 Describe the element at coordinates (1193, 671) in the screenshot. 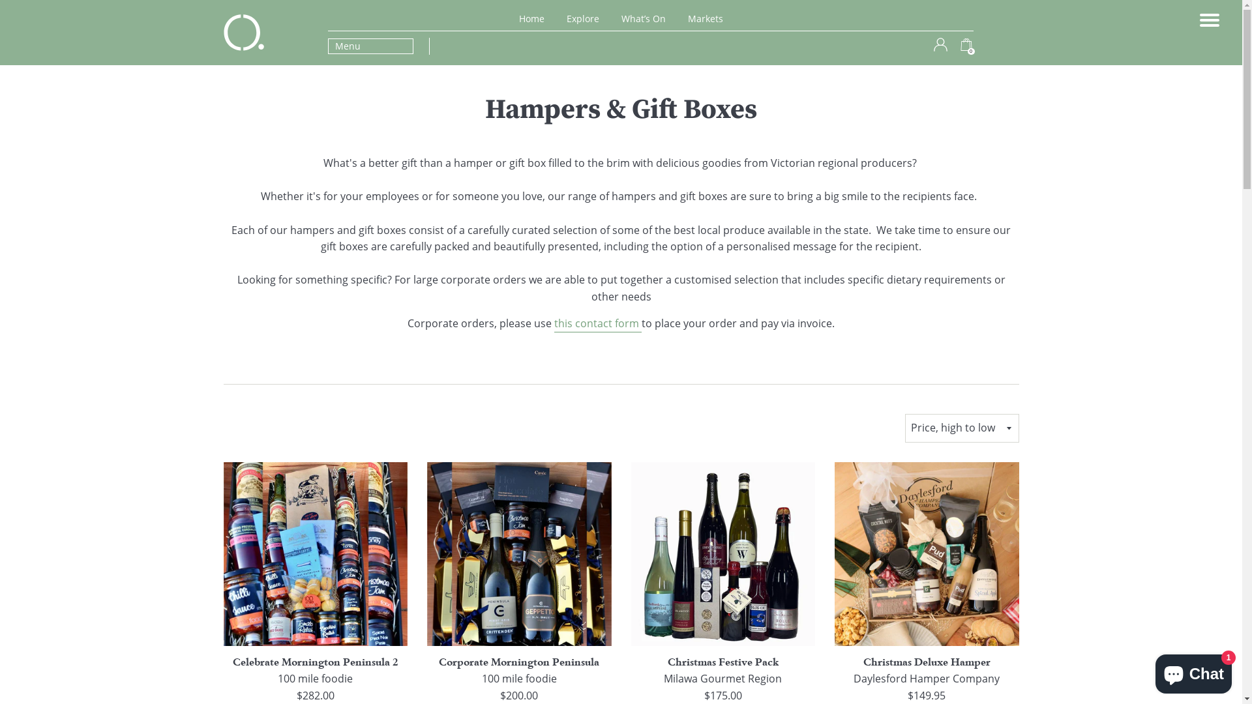

I see `'Shopify online store chat'` at that location.